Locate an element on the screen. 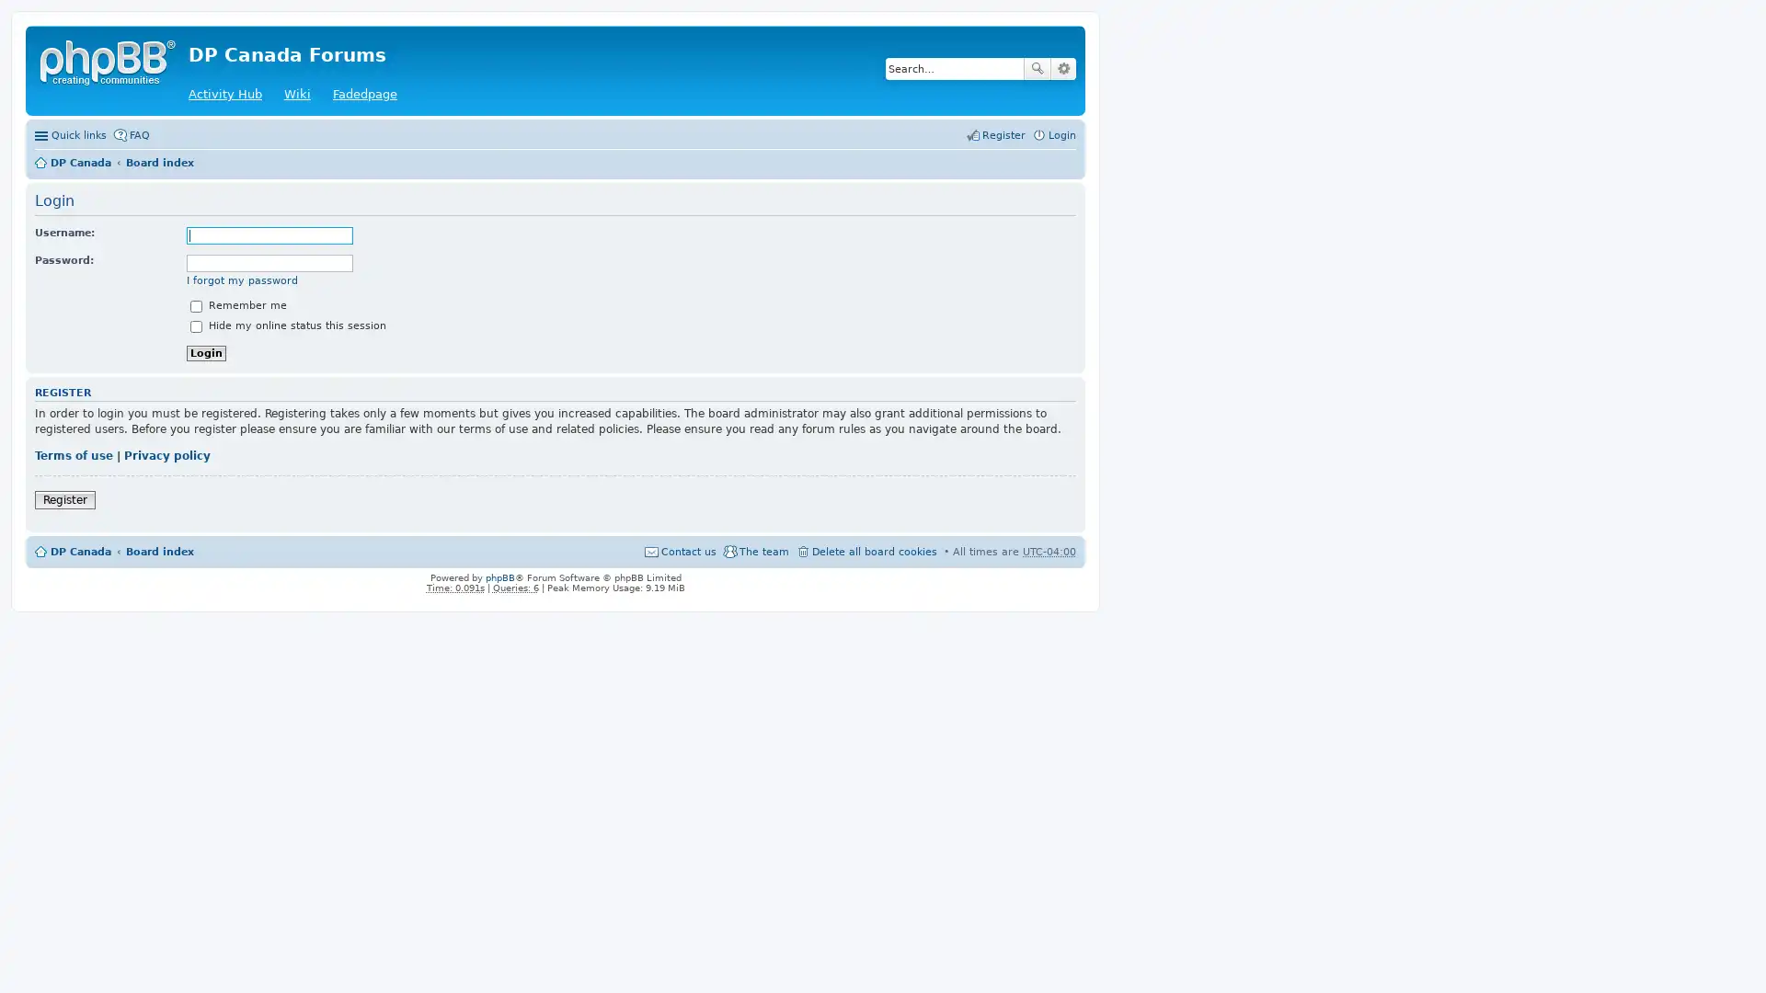  Login is located at coordinates (206, 352).